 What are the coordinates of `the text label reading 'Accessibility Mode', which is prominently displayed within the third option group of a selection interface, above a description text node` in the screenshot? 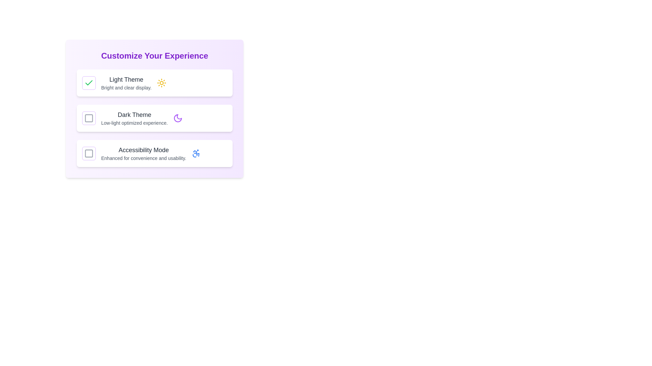 It's located at (143, 150).